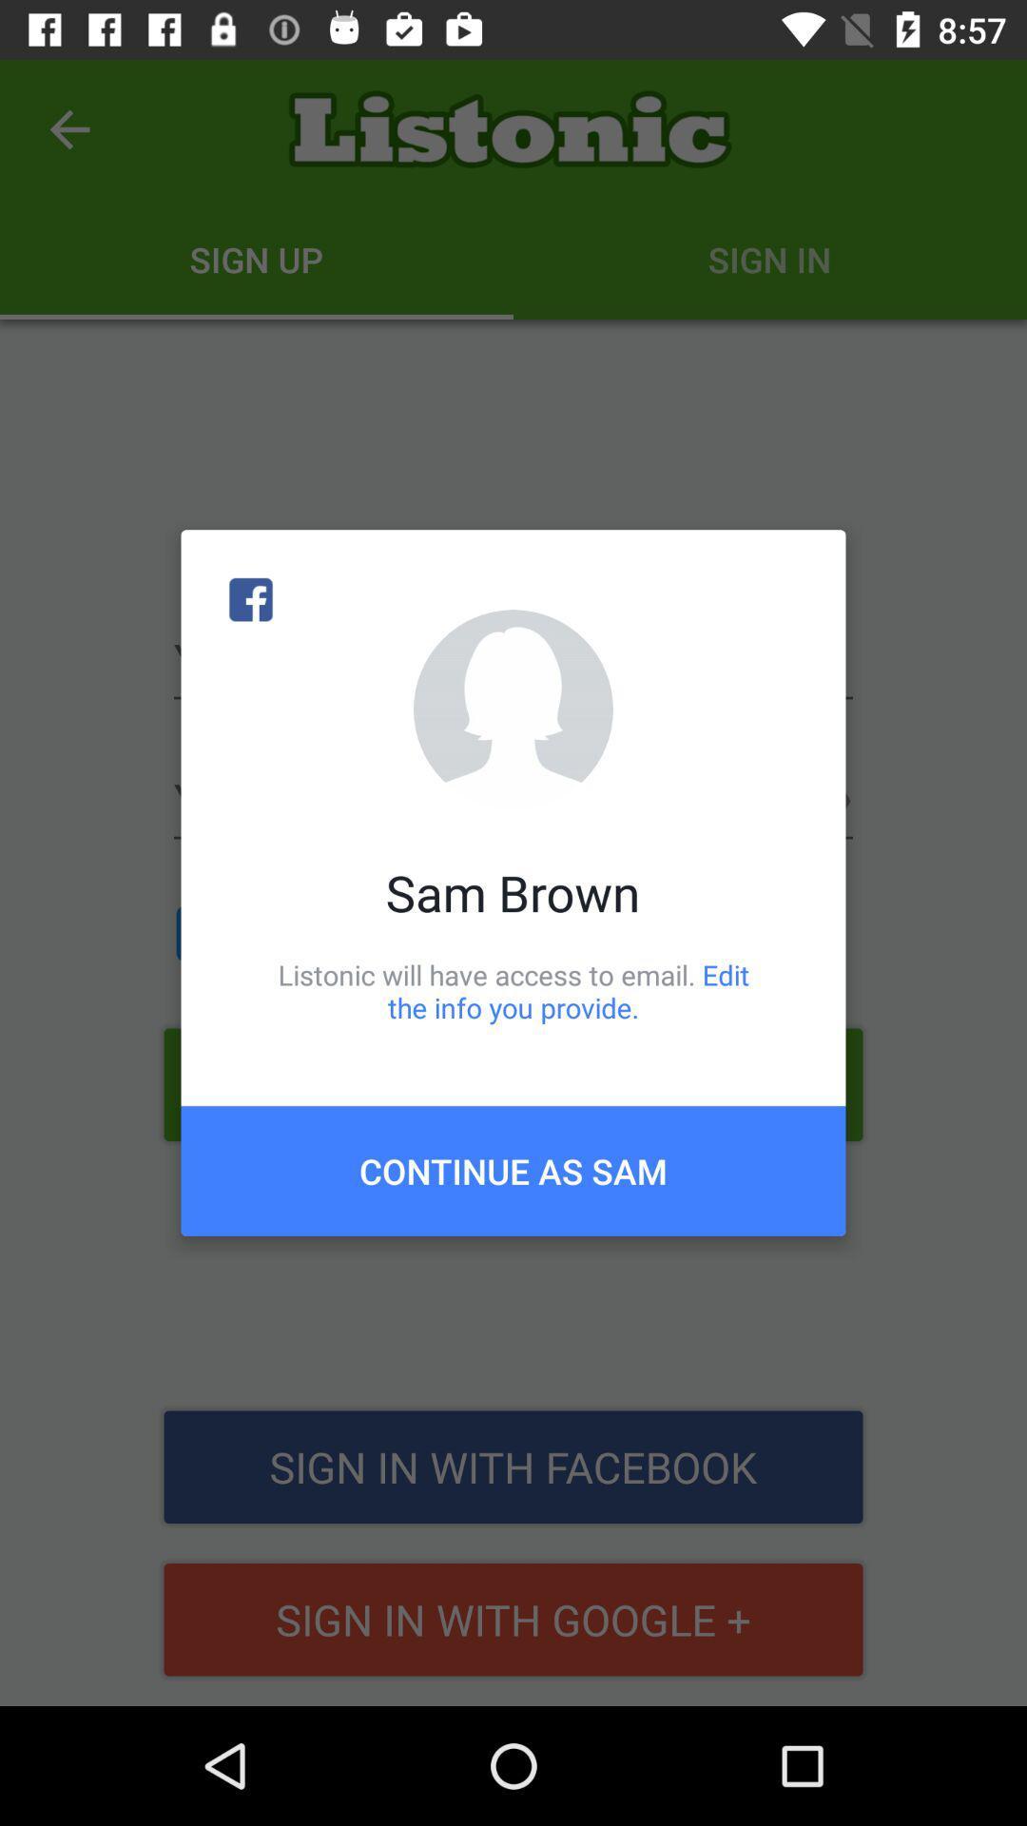 Image resolution: width=1027 pixels, height=1826 pixels. Describe the element at coordinates (513, 990) in the screenshot. I see `item above continue as sam icon` at that location.